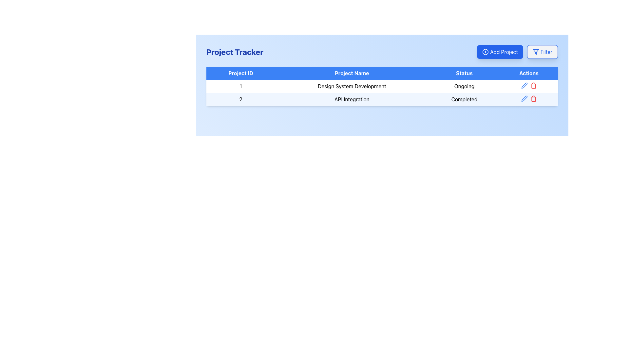  What do you see at coordinates (536, 51) in the screenshot?
I see `the filter icon, which is a blue outlined triangular funnel inside the 'Filter' button` at bounding box center [536, 51].